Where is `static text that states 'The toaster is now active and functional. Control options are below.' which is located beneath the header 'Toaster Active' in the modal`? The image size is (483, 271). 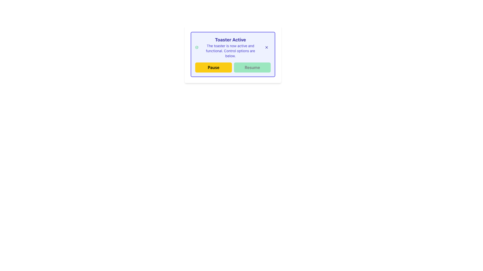 static text that states 'The toaster is now active and functional. Control options are below.' which is located beneath the header 'Toaster Active' in the modal is located at coordinates (230, 51).